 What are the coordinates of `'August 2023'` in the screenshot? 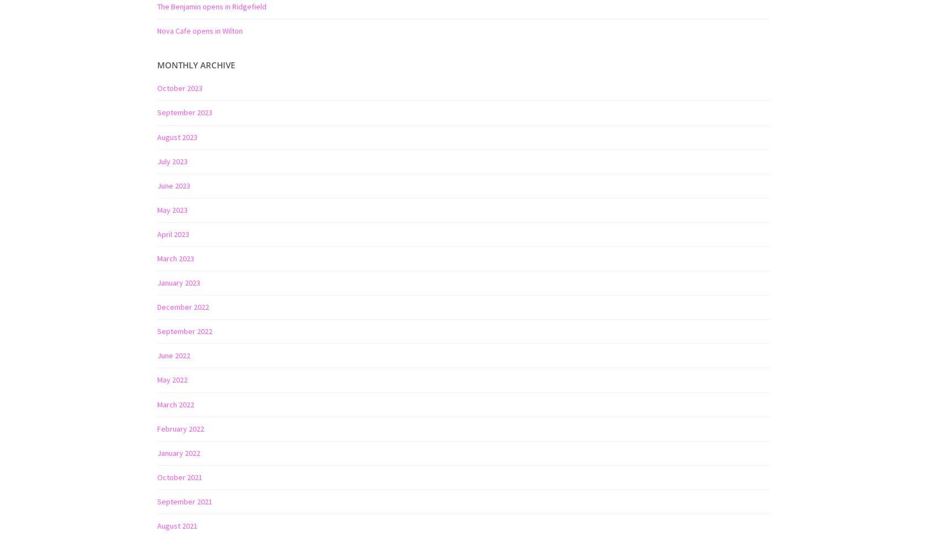 It's located at (177, 137).